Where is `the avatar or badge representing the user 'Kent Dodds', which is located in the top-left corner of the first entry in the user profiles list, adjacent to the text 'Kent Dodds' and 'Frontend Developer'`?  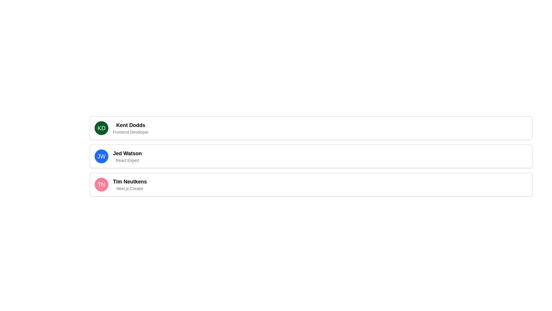 the avatar or badge representing the user 'Kent Dodds', which is located in the top-left corner of the first entry in the user profiles list, adjacent to the text 'Kent Dodds' and 'Frontend Developer' is located at coordinates (101, 128).